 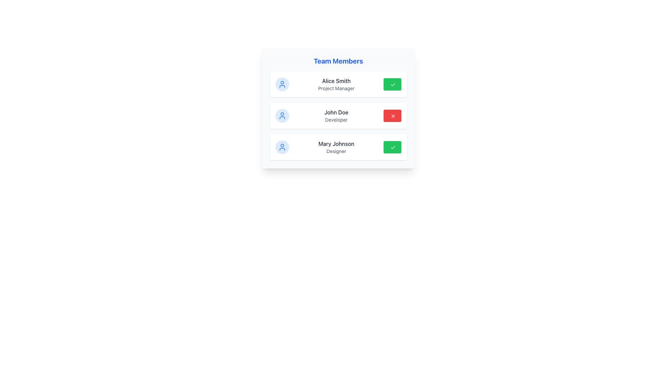 What do you see at coordinates (392, 147) in the screenshot?
I see `the green button with a white checkmark icon located on the far right side of the 'Mary Johnson Designer' panel to confirm or approve` at bounding box center [392, 147].